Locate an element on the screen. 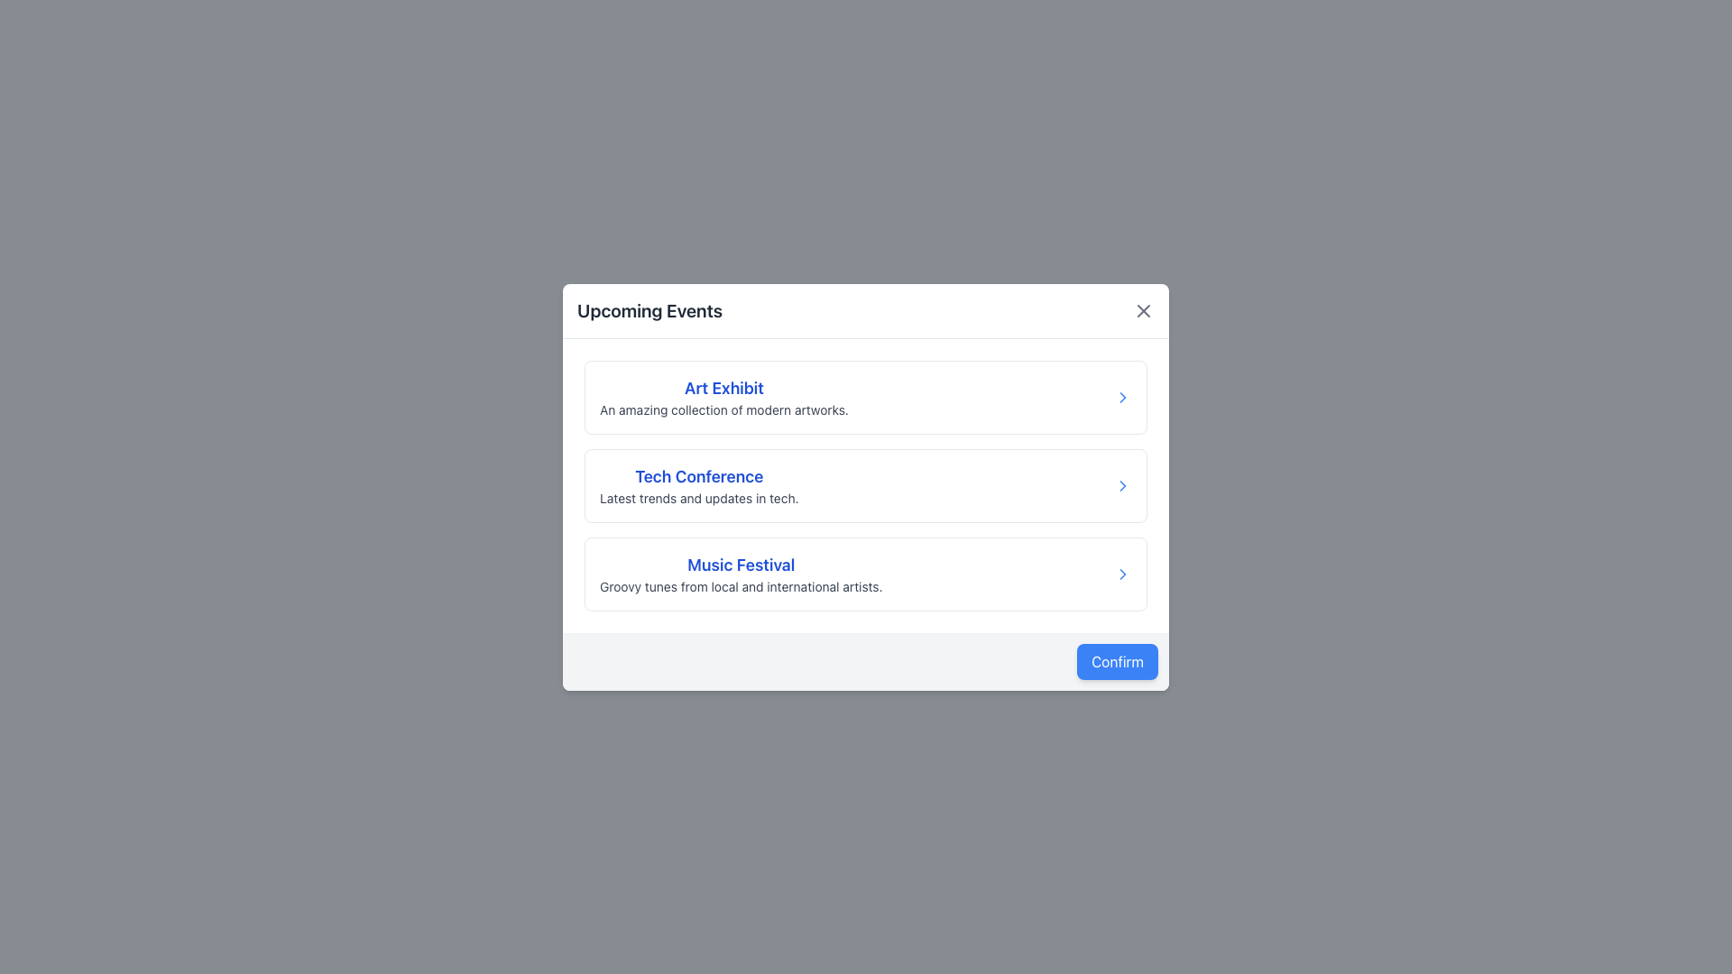  the second entry in the list within the modal dialog that represents the 'Tech Conference' event is located at coordinates (866, 487).